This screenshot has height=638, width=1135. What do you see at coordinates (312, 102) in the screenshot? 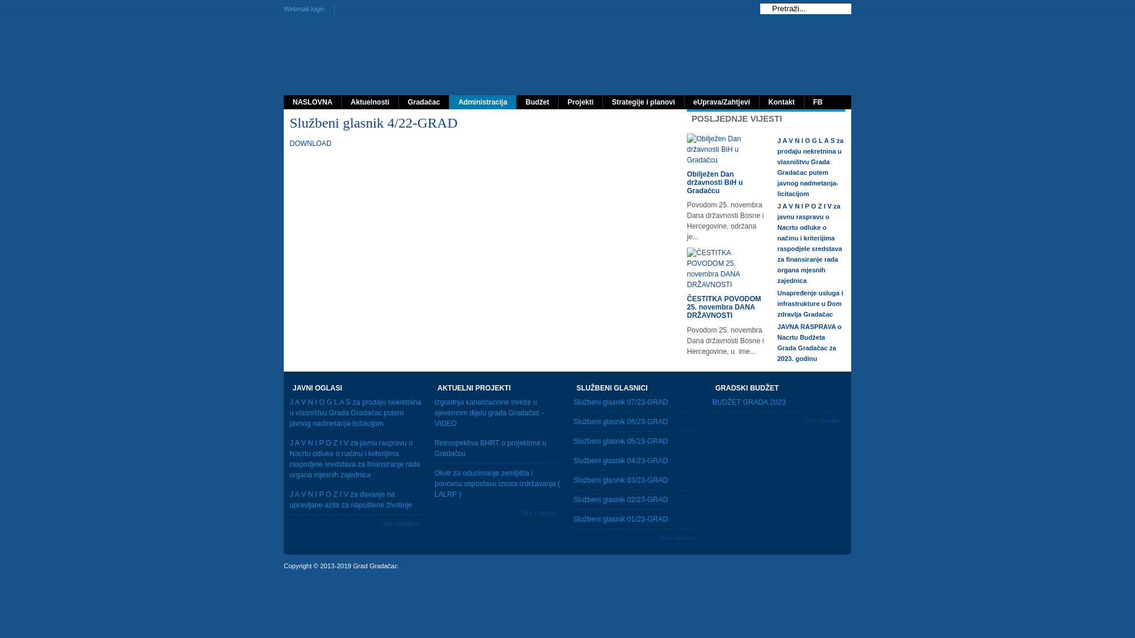
I see `'NASLOVNA'` at bounding box center [312, 102].